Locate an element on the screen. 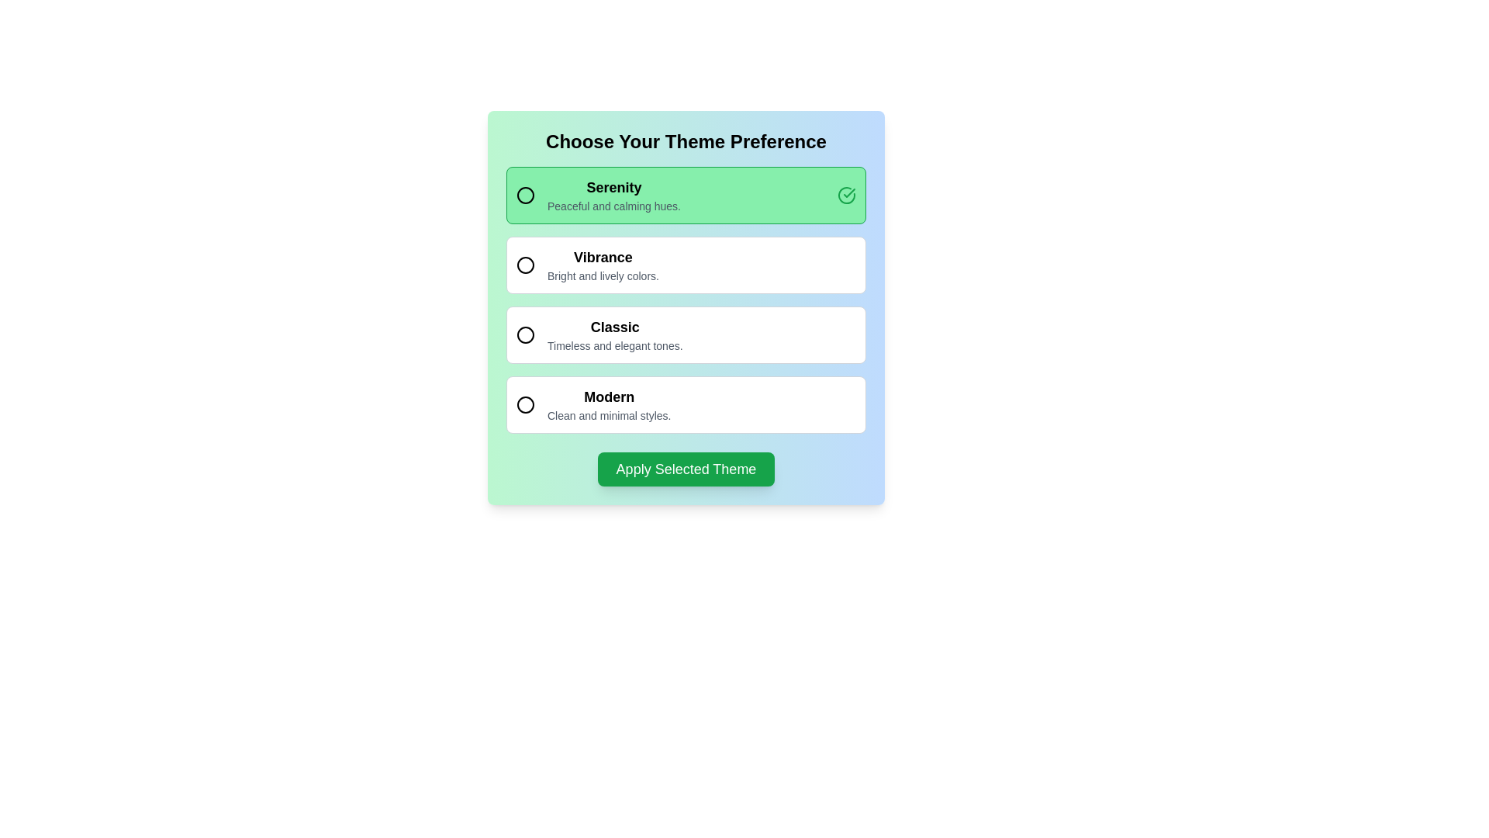 Image resolution: width=1489 pixels, height=838 pixels. the text label reading 'Peaceful and calming hues.' located below the 'Serenity' title within the green background panel is located at coordinates (613, 206).